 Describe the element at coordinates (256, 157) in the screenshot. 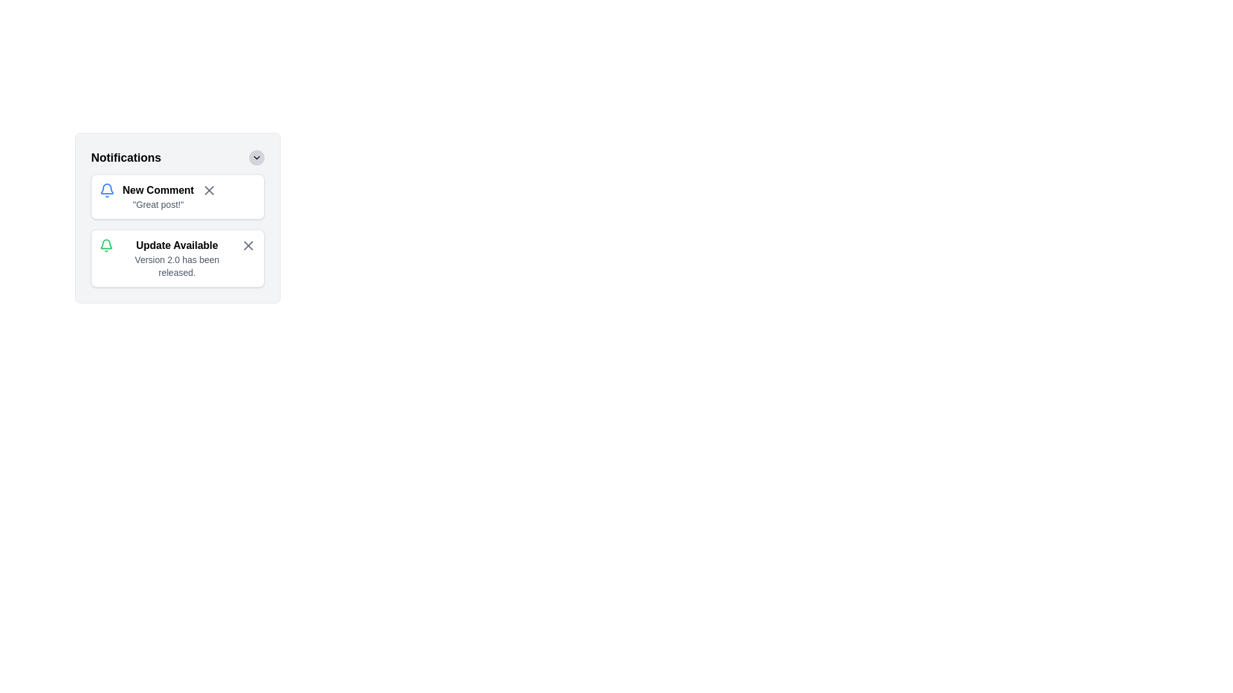

I see `the chevron-shaped icon pointing downward located in the rounded button at the top-right corner of the notification panel` at that location.